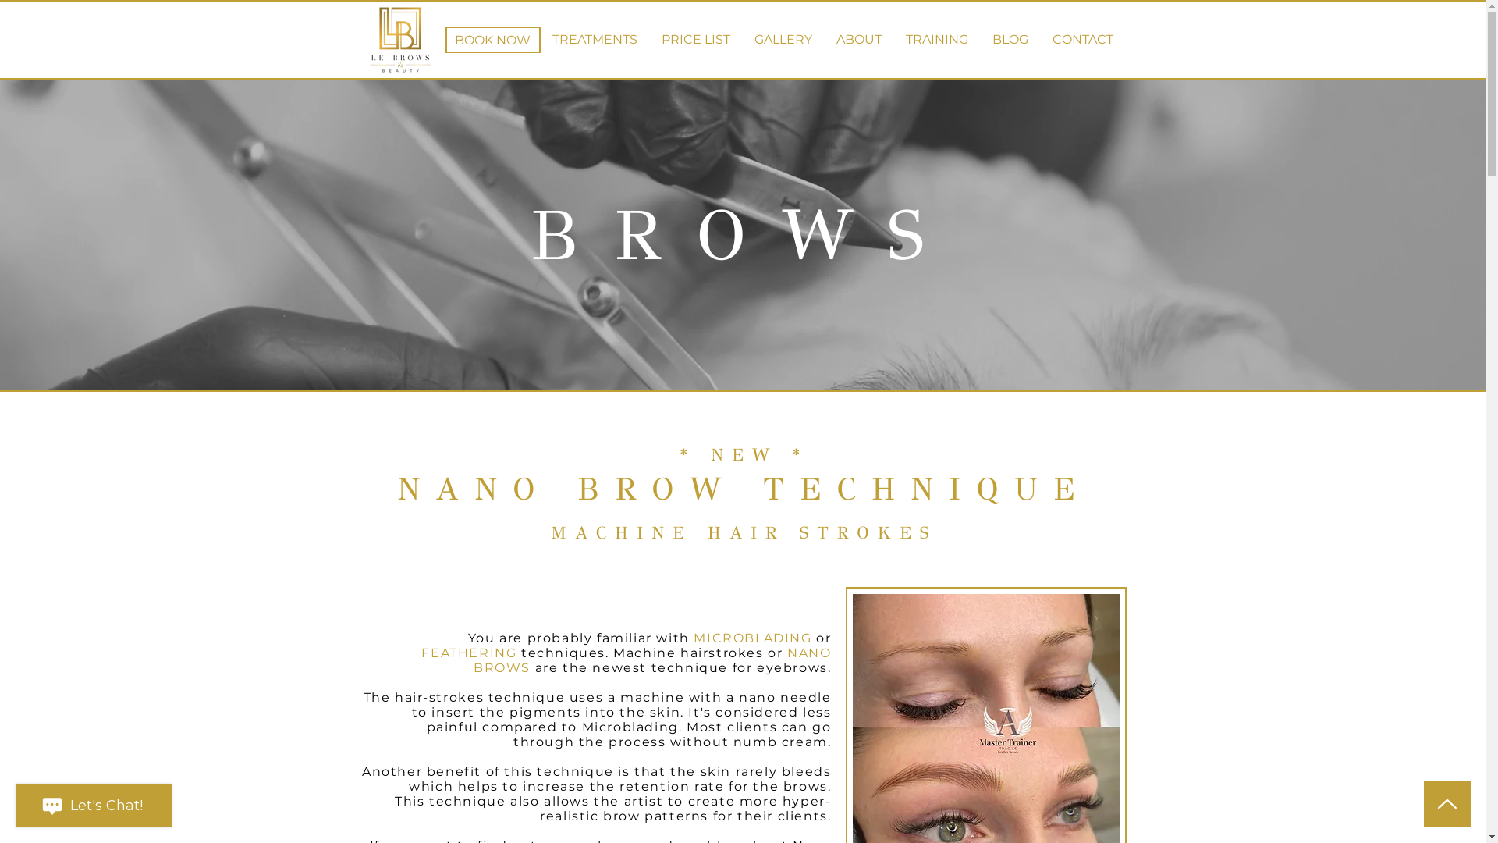 This screenshot has width=1498, height=843. Describe the element at coordinates (694, 38) in the screenshot. I see `'PRICE LIST'` at that location.